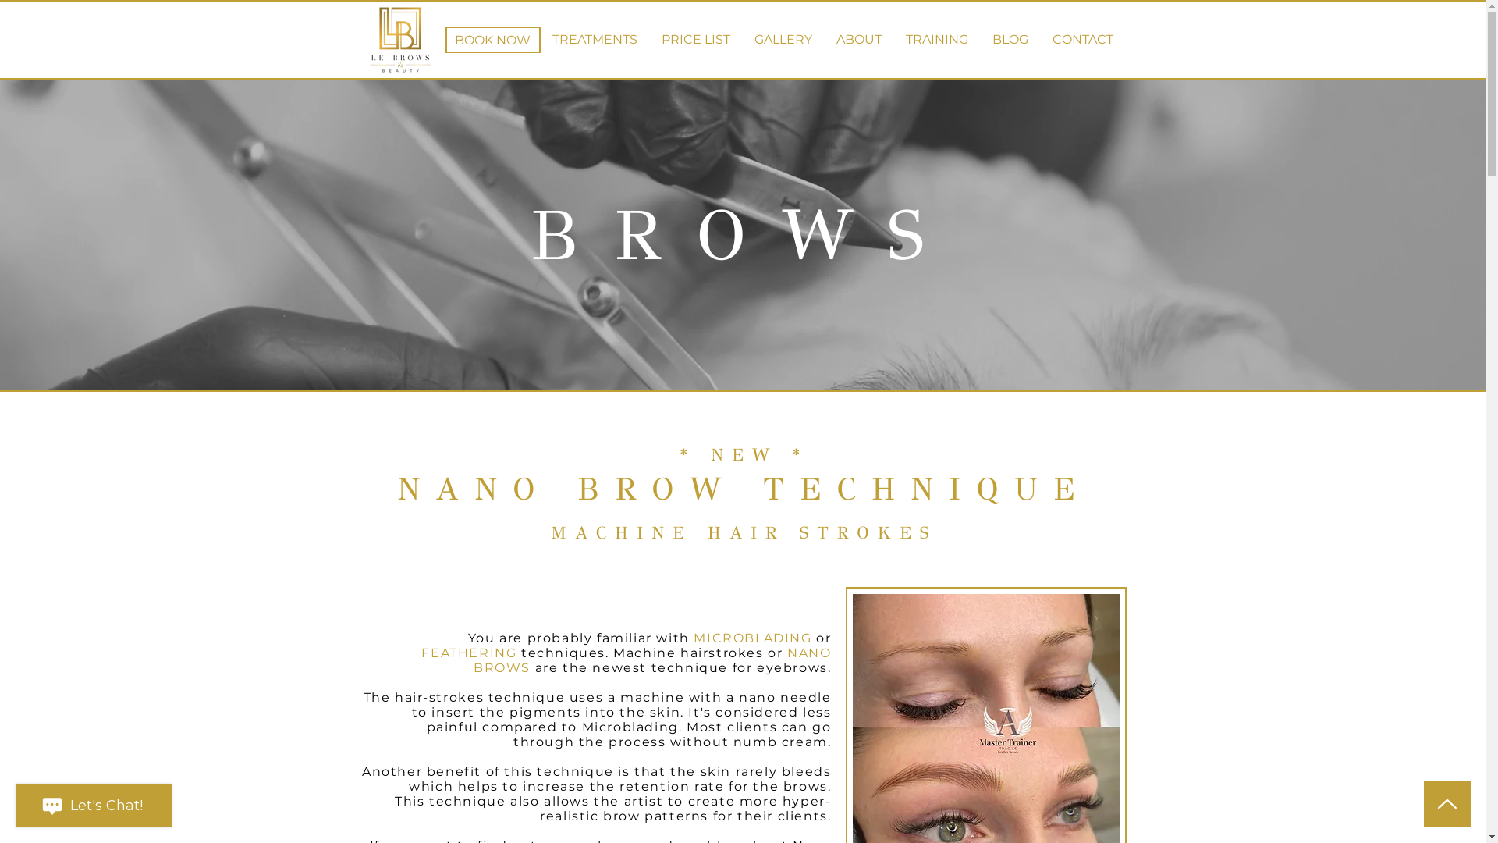 This screenshot has width=1498, height=843. Describe the element at coordinates (694, 38) in the screenshot. I see `'PRICE LIST'` at that location.